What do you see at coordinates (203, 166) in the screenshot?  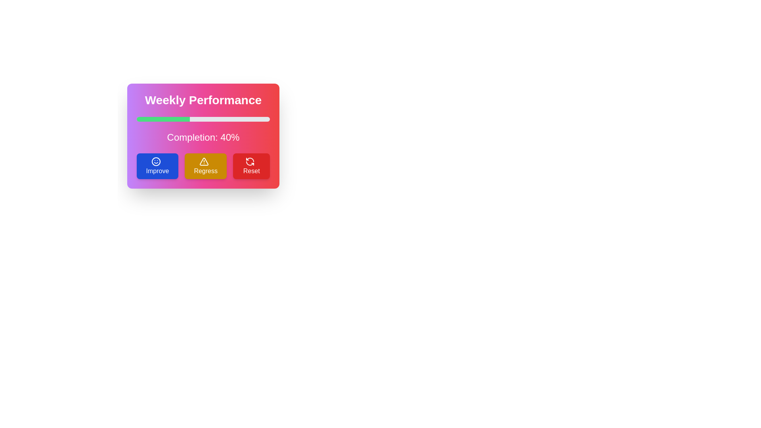 I see `the 'Regress' button, which is the middle button in a horizontal layout, flanked by 'Improve' on the left and 'Reset' on the right` at bounding box center [203, 166].